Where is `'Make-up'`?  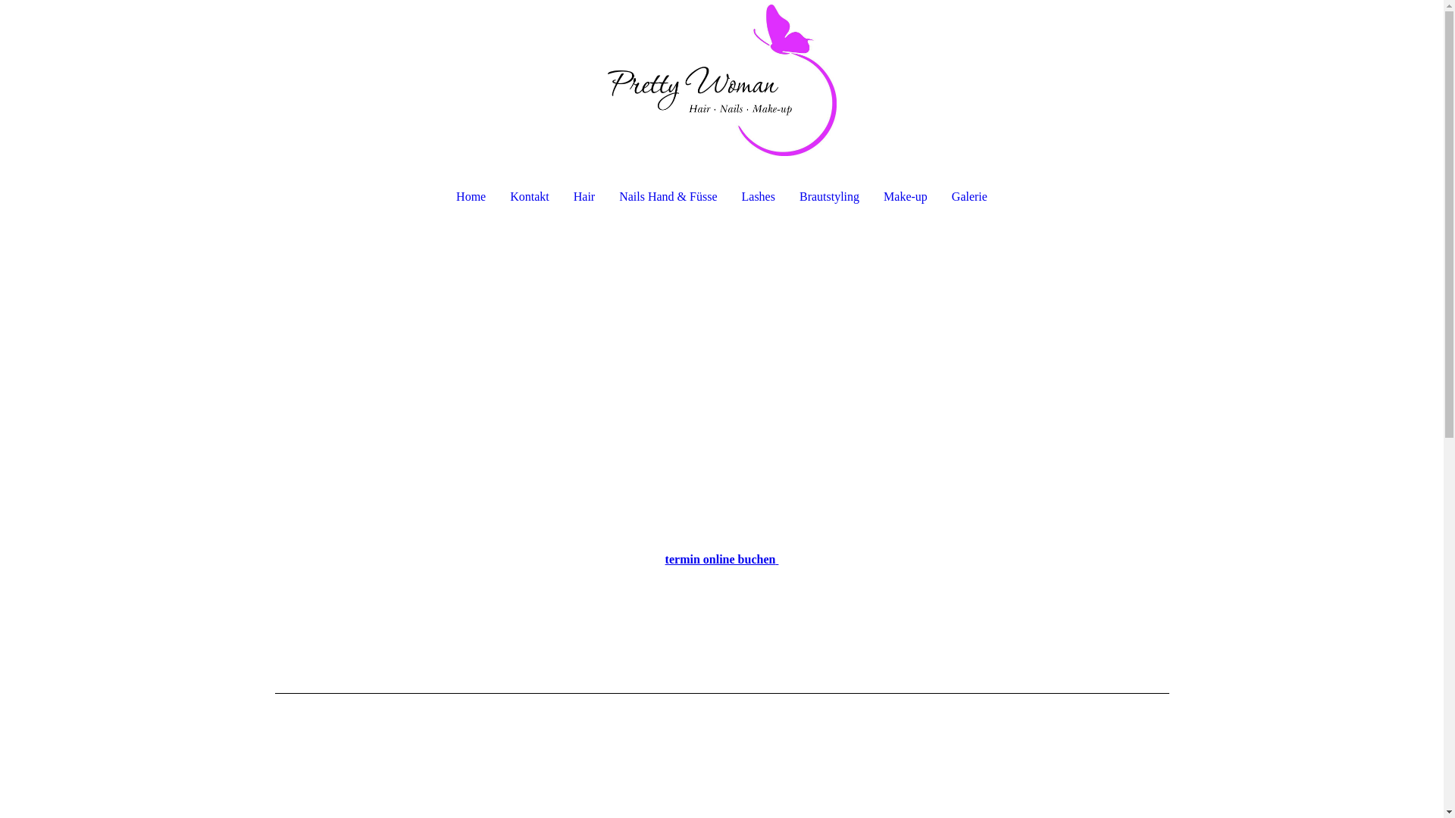
'Make-up' is located at coordinates (906, 195).